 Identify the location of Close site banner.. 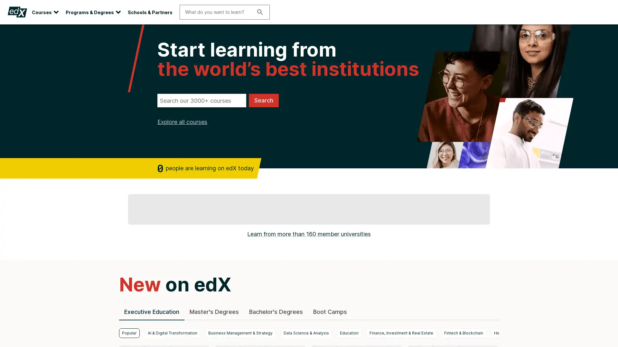
(610, 30).